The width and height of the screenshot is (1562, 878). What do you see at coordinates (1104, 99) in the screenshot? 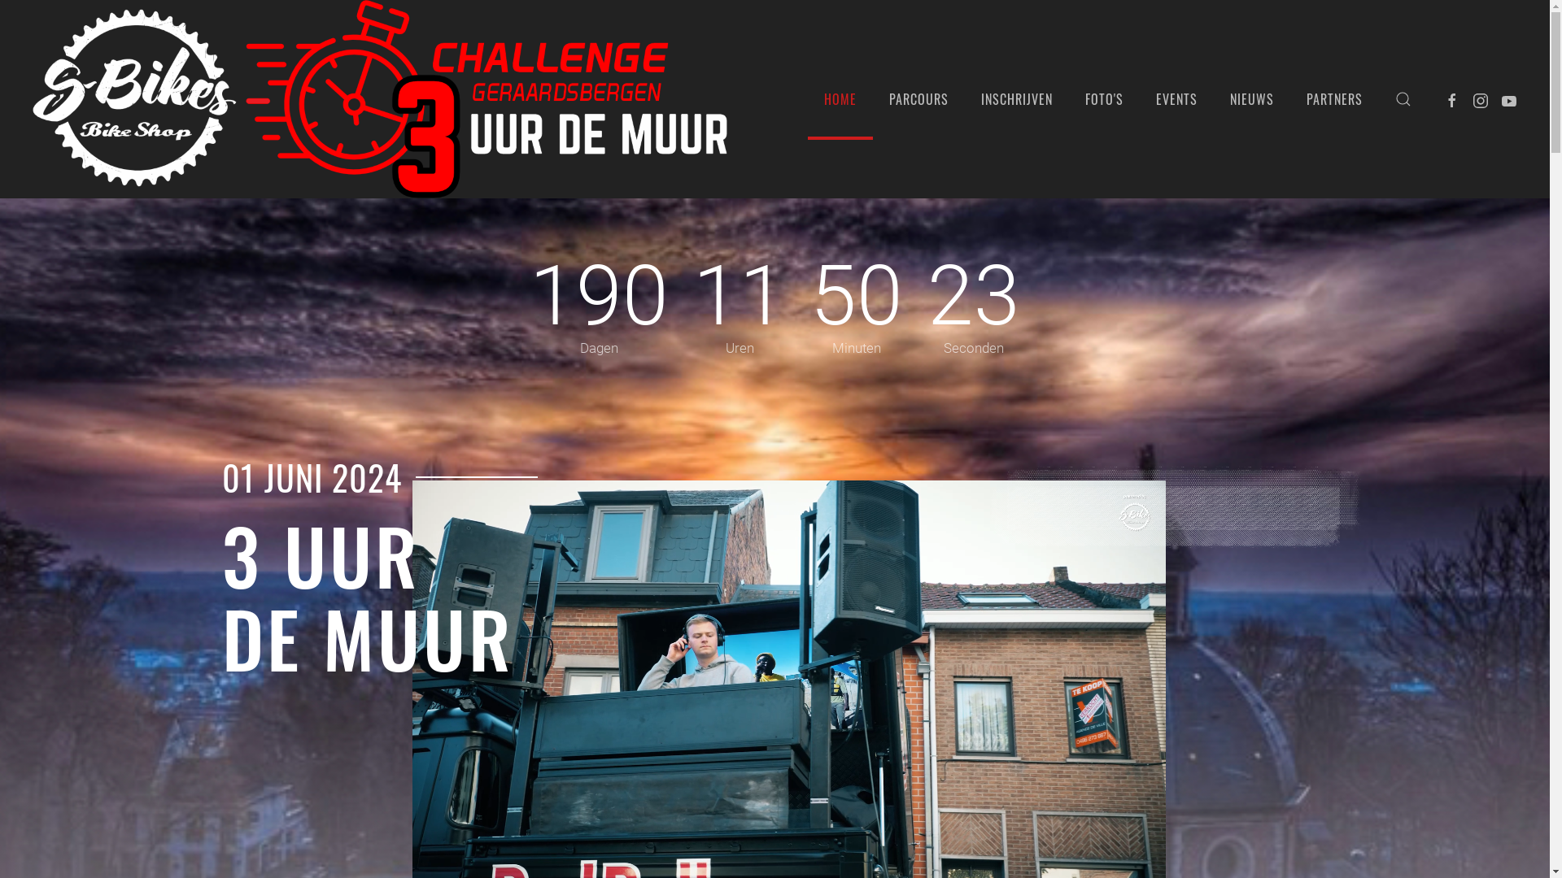
I see `'FOTO'S'` at bounding box center [1104, 99].